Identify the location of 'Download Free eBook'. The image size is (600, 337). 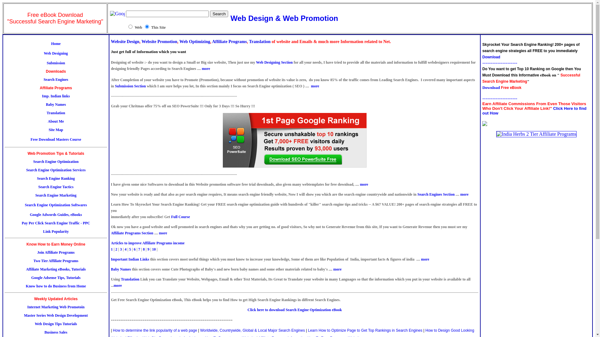
(502, 87).